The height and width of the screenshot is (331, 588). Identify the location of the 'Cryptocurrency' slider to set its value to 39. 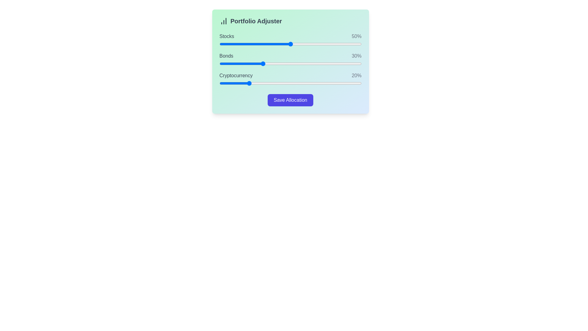
(274, 83).